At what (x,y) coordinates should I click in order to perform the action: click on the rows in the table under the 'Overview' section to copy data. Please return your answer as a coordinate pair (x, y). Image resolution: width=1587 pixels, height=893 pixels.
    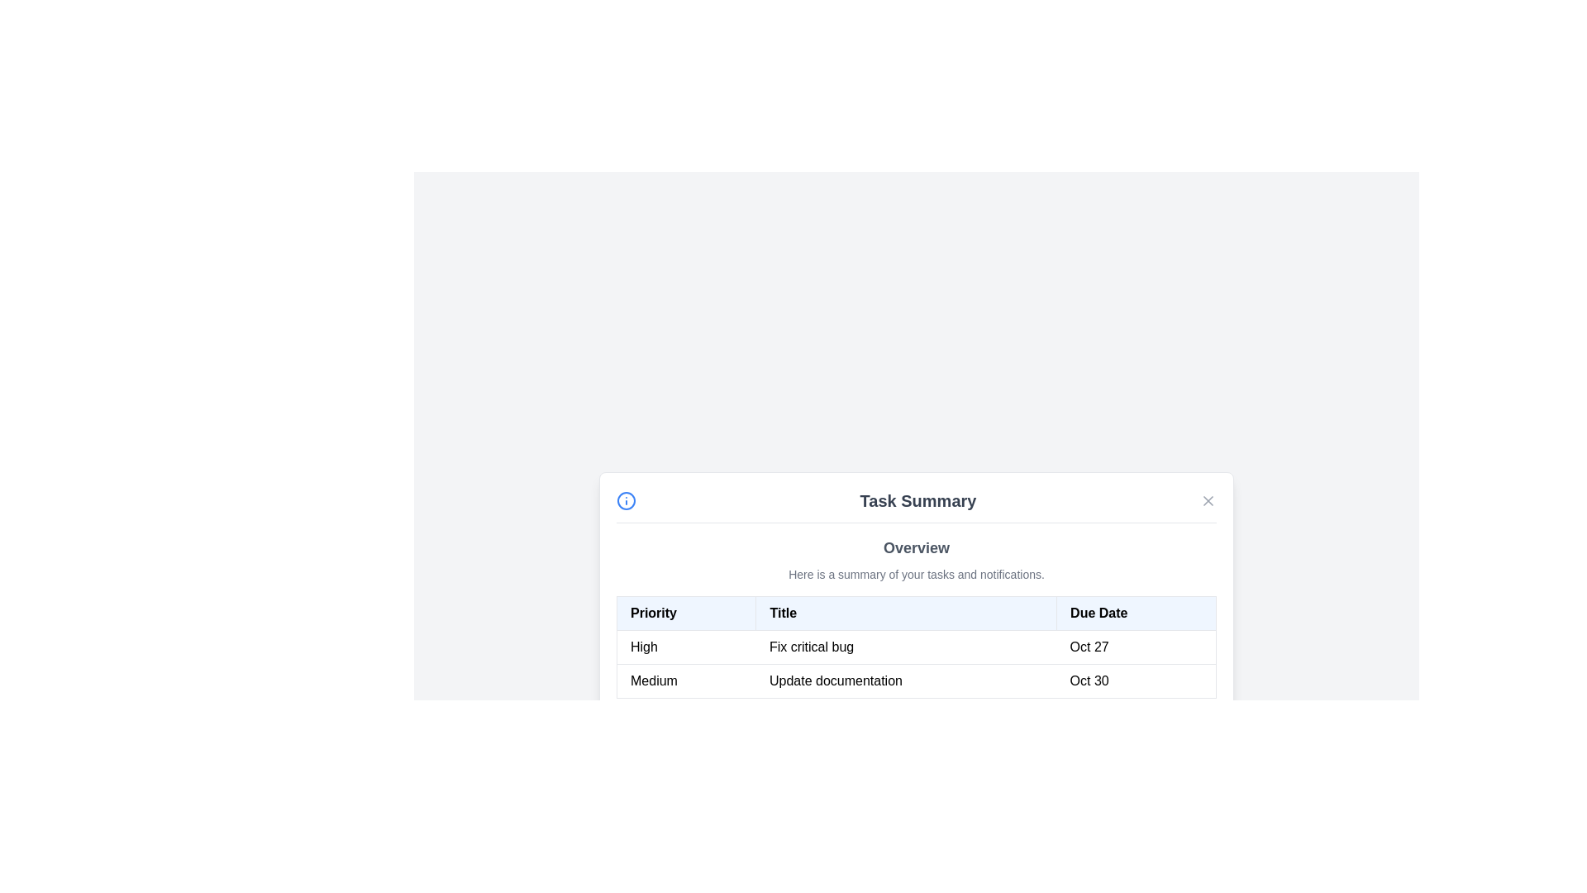
    Looking at the image, I should click on (915, 616).